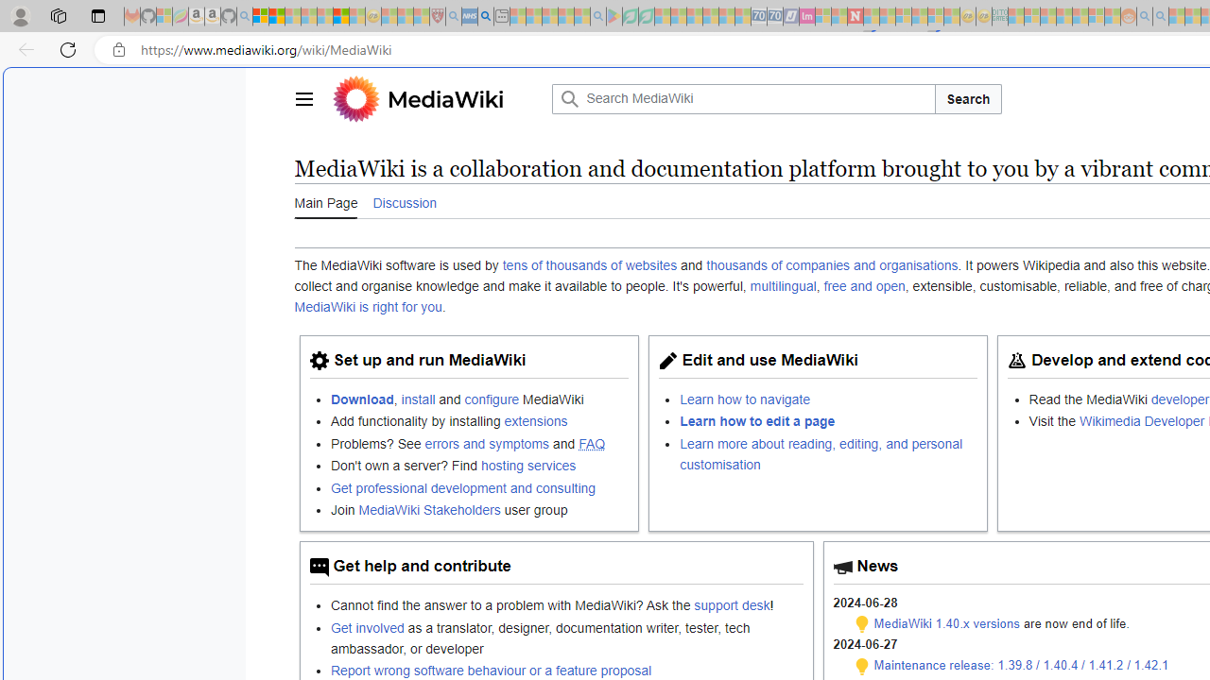 Image resolution: width=1210 pixels, height=680 pixels. What do you see at coordinates (479, 443) in the screenshot?
I see `'Problems? See errors and symptoms and FAQ'` at bounding box center [479, 443].